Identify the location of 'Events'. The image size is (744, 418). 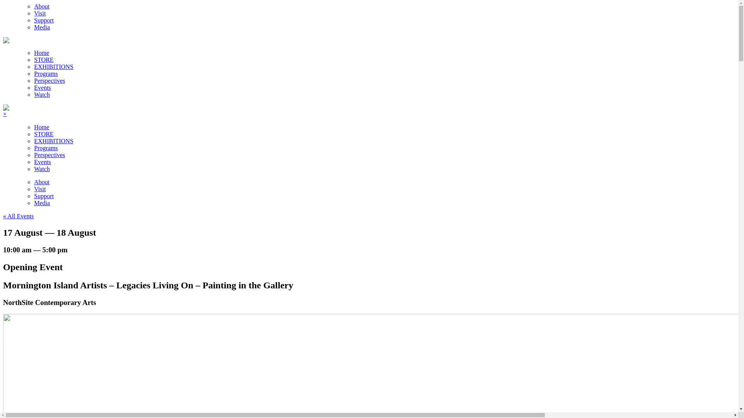
(42, 161).